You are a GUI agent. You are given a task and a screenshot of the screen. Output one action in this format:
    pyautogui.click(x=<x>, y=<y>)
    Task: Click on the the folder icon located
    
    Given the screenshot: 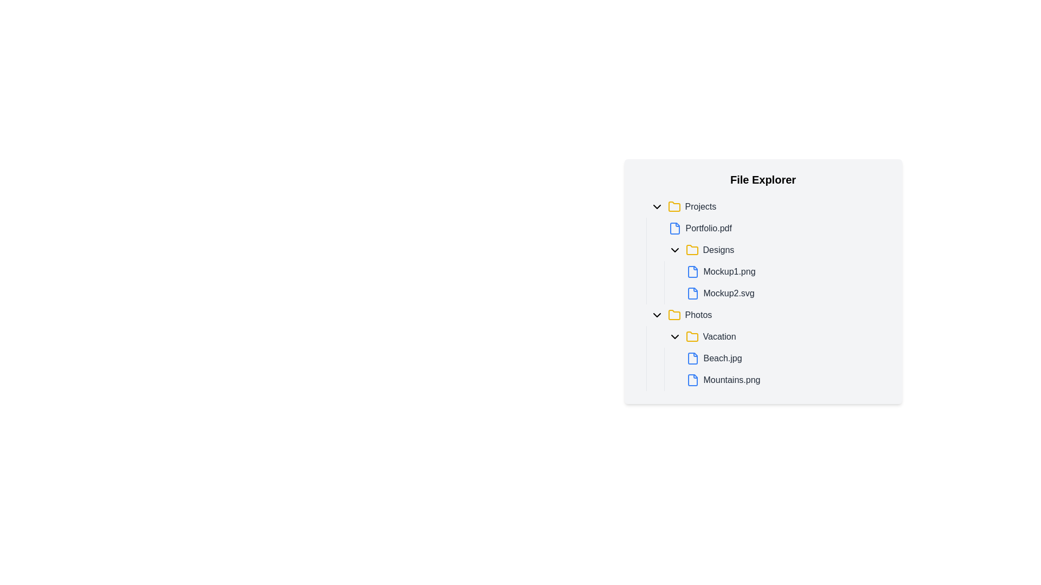 What is the action you would take?
    pyautogui.click(x=673, y=315)
    